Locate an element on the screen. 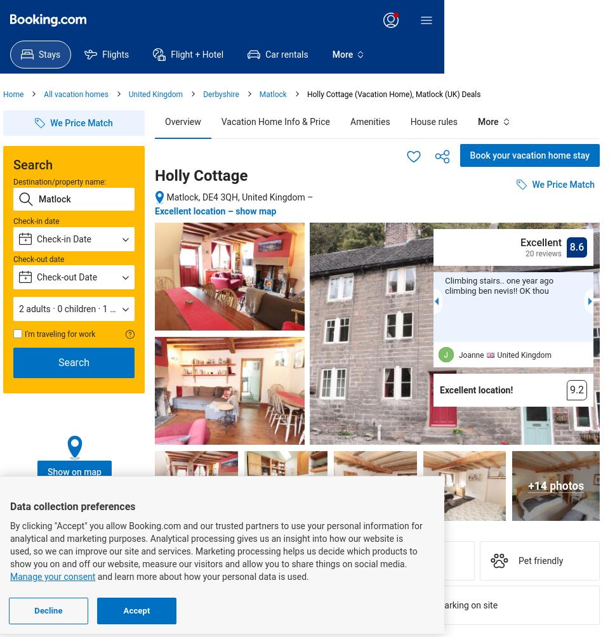 Image resolution: width=615 pixels, height=637 pixels. 'Amenities' is located at coordinates (369, 121).